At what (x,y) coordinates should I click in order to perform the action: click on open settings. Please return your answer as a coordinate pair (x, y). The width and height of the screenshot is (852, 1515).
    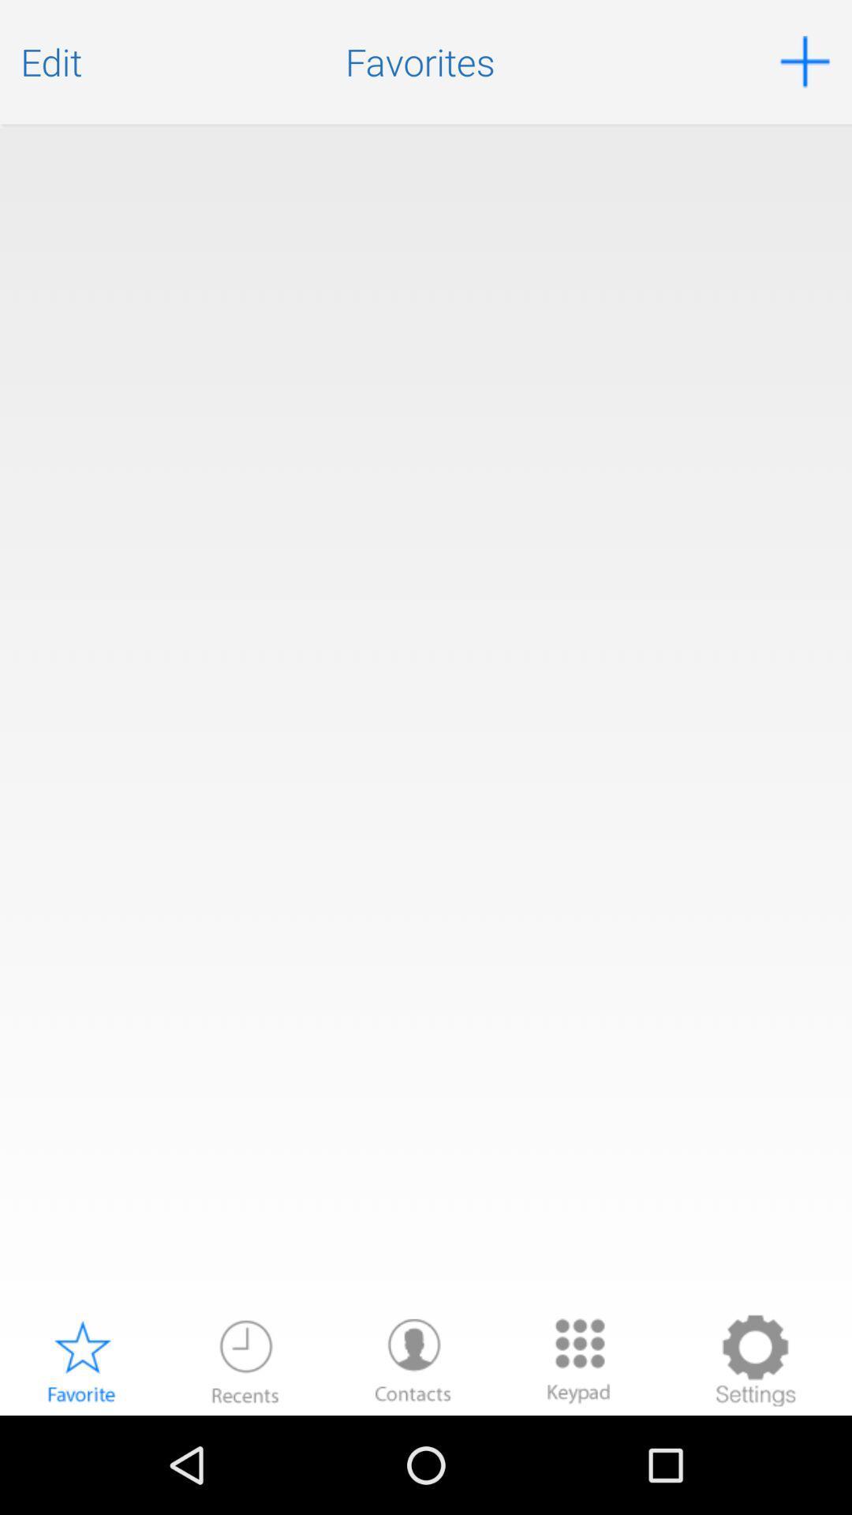
    Looking at the image, I should click on (754, 1360).